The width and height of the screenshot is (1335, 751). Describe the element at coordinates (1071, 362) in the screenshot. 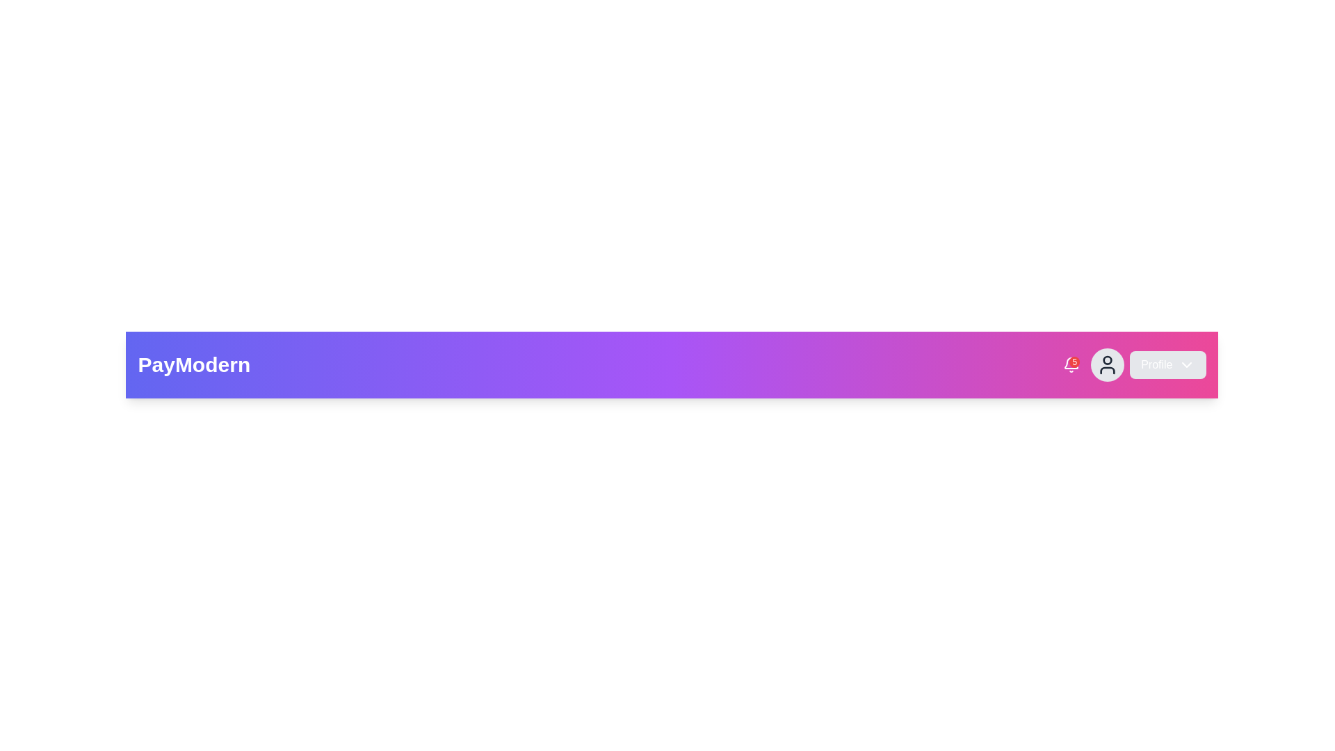

I see `the Notification icon with badge located in the top-right corner of the navigation bar` at that location.